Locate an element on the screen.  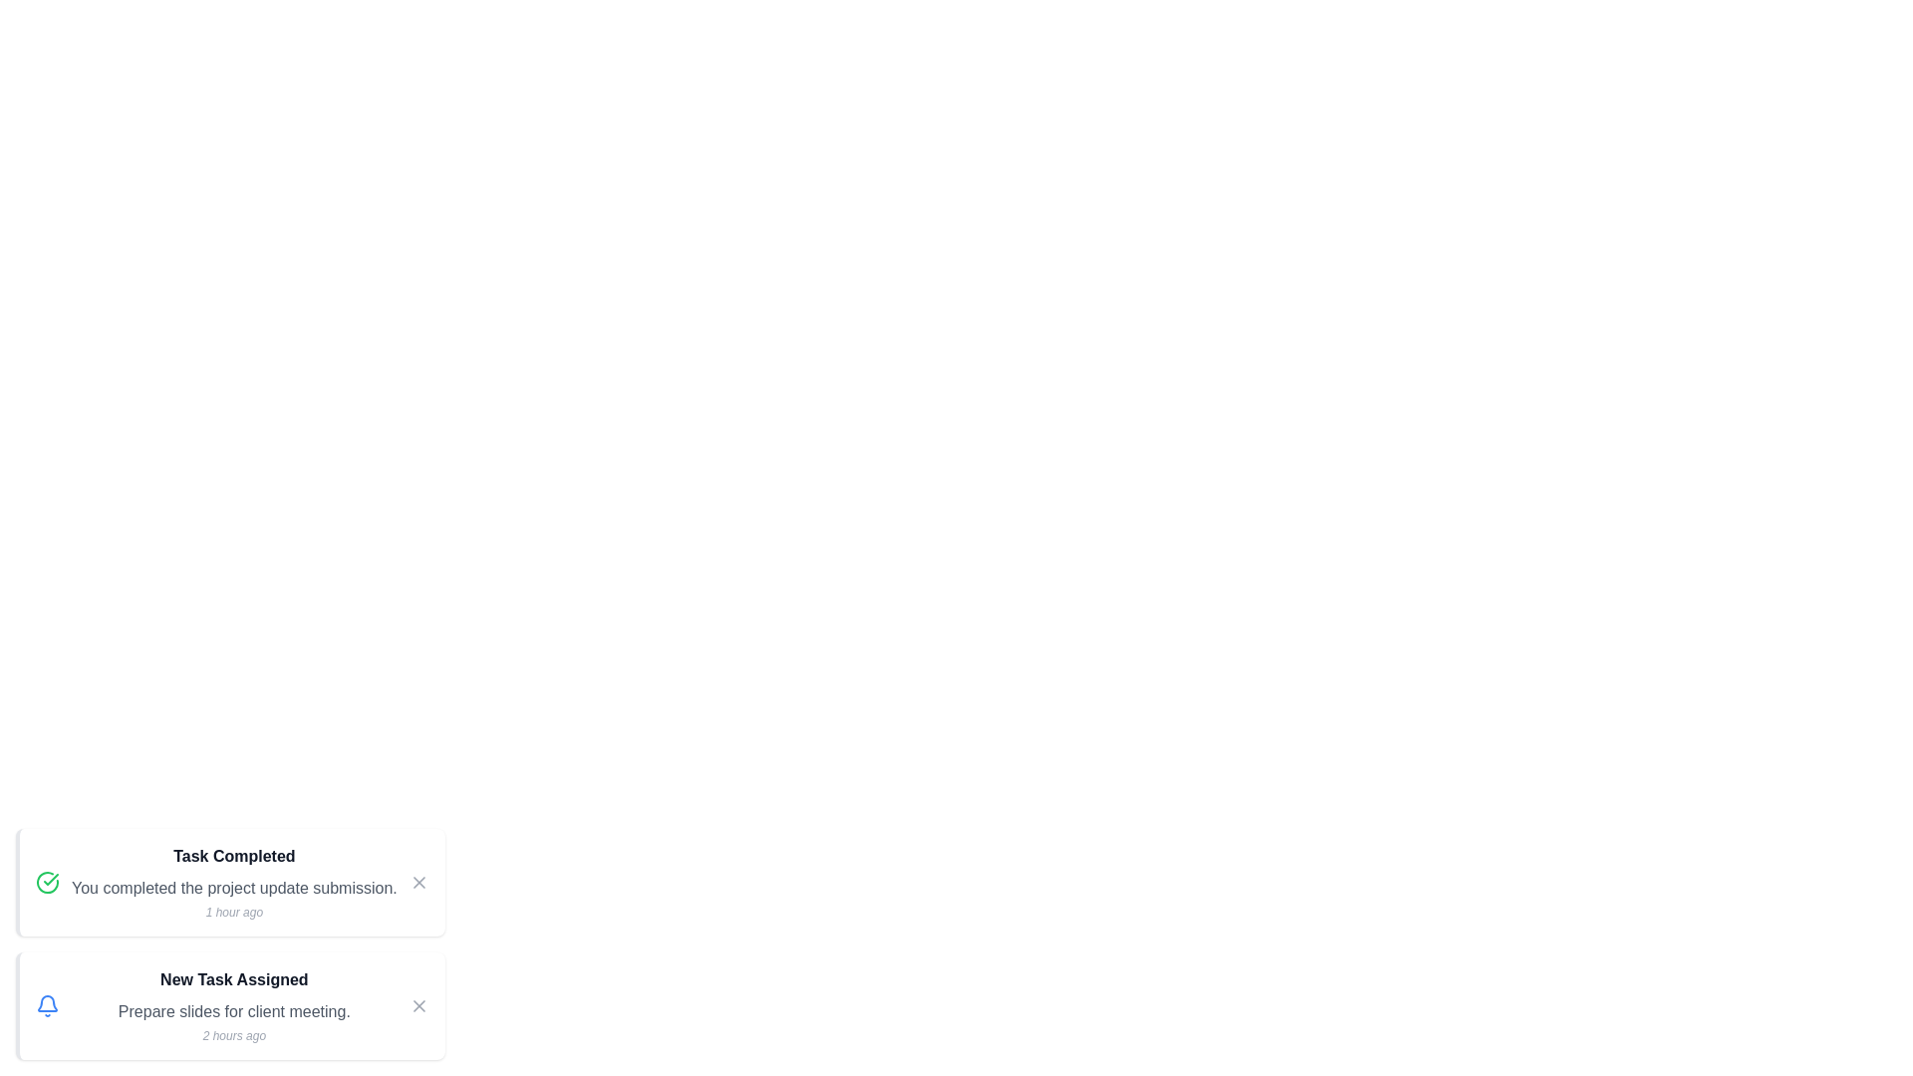
close button of the task with title 'Task Completed' is located at coordinates (417, 882).